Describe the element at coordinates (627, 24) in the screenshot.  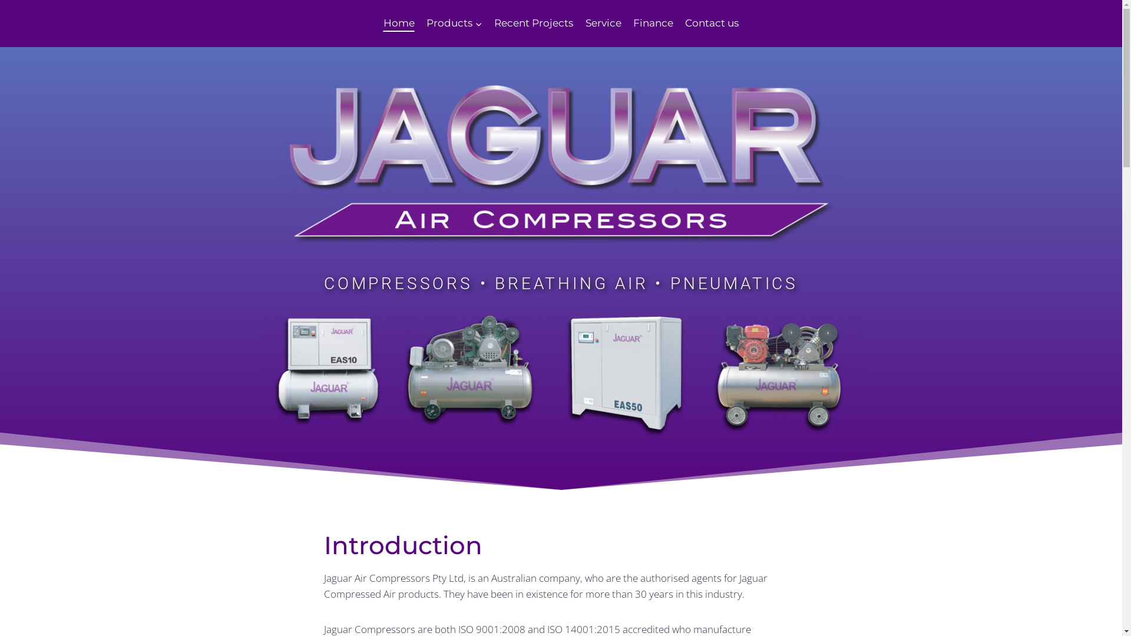
I see `'Finance'` at that location.